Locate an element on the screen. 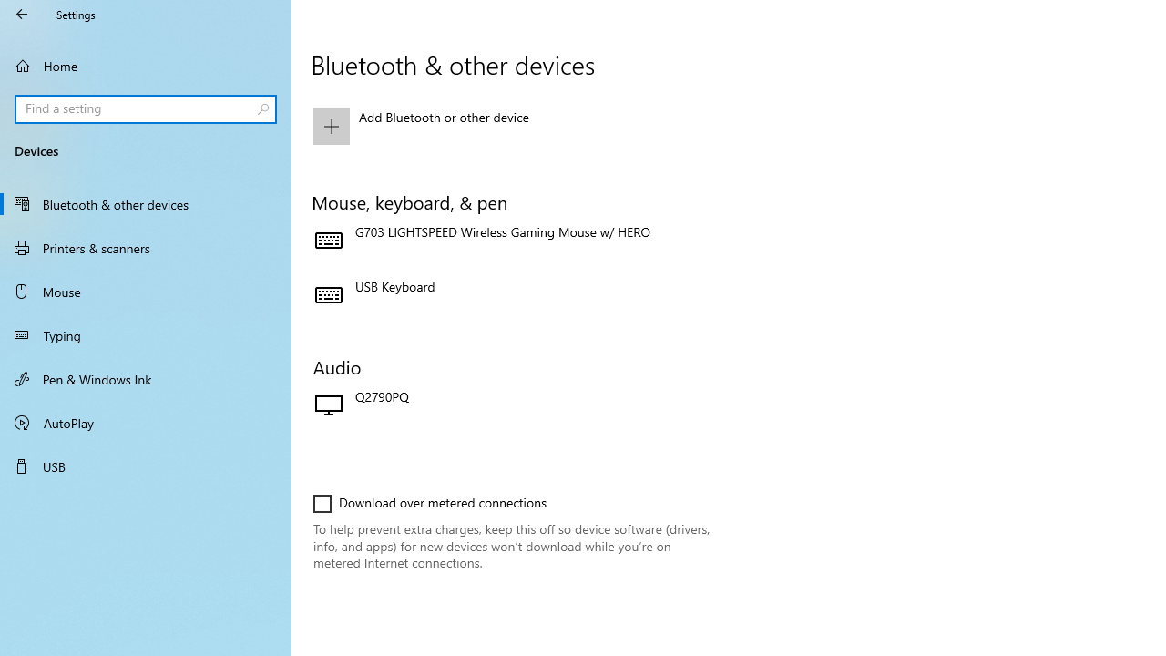 This screenshot has height=656, width=1166. 'Typing' is located at coordinates (146, 334).